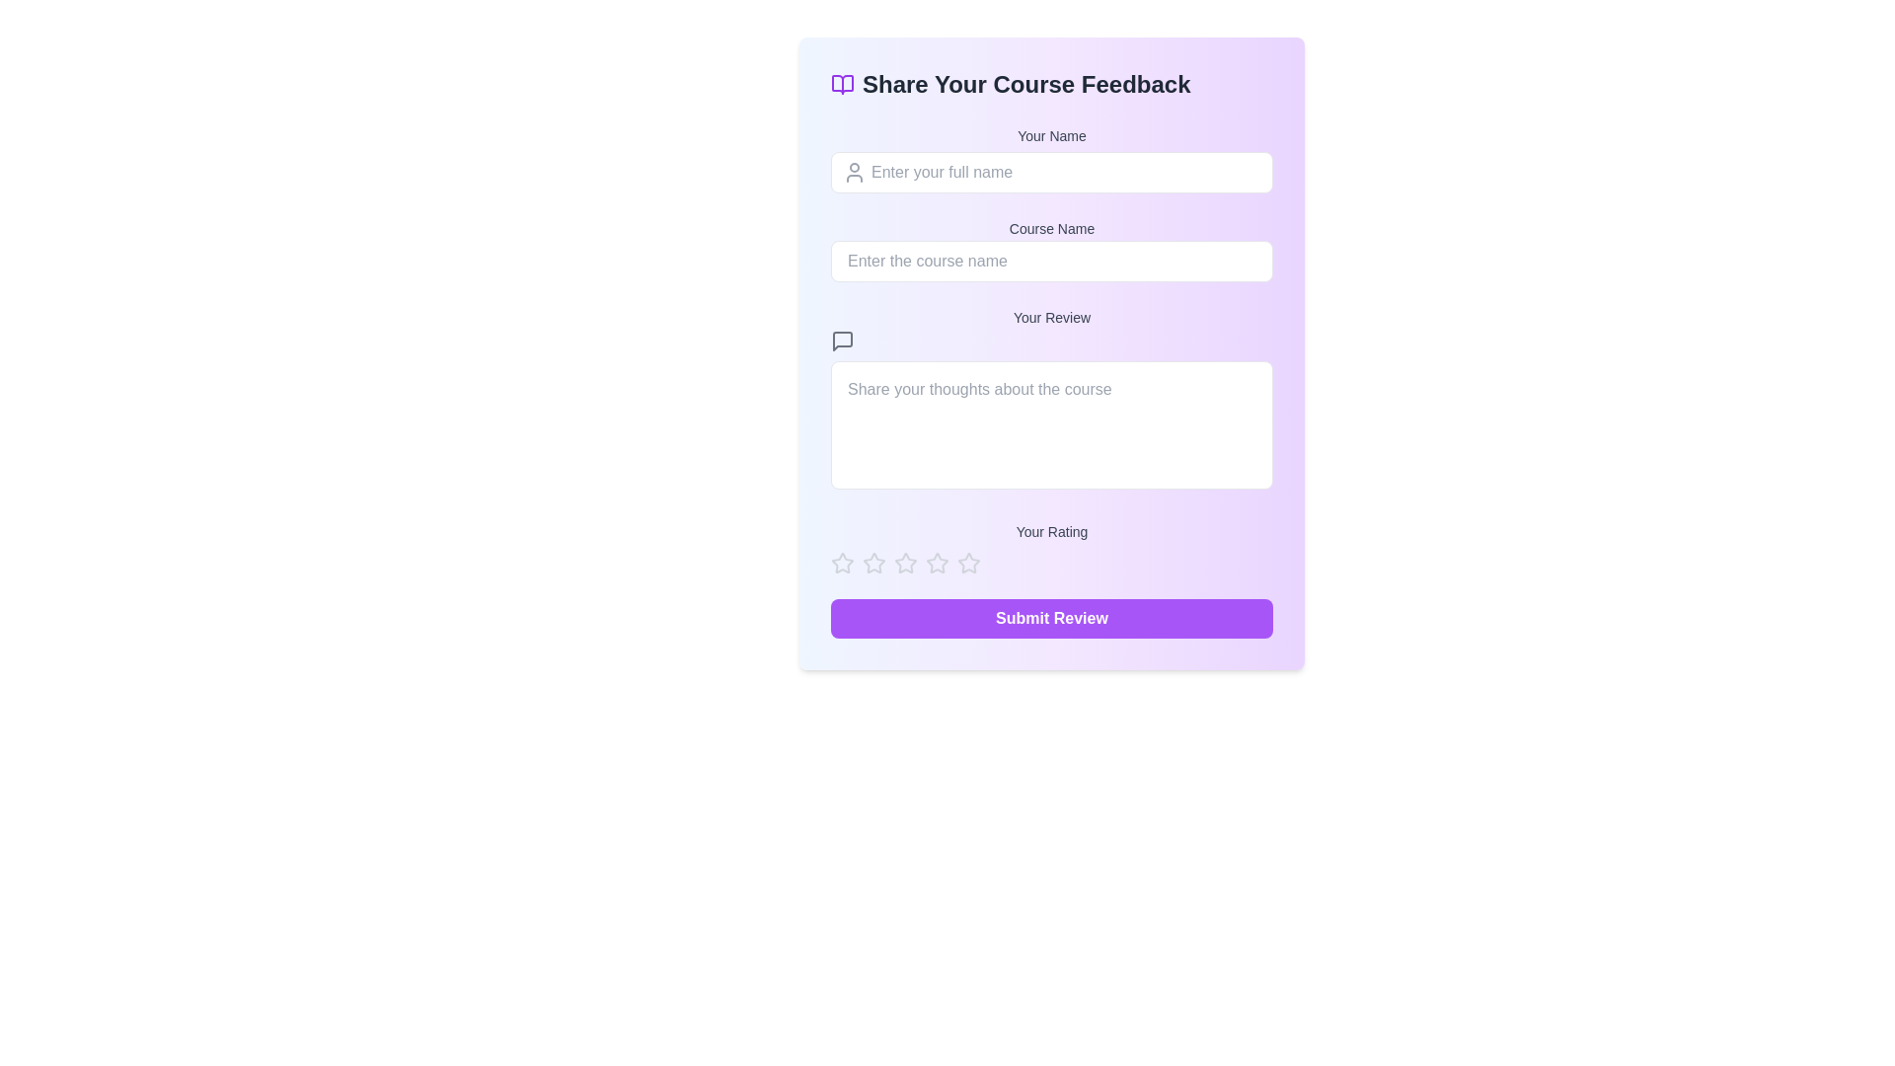  Describe the element at coordinates (1050, 548) in the screenshot. I see `across the star icons in the rating control` at that location.